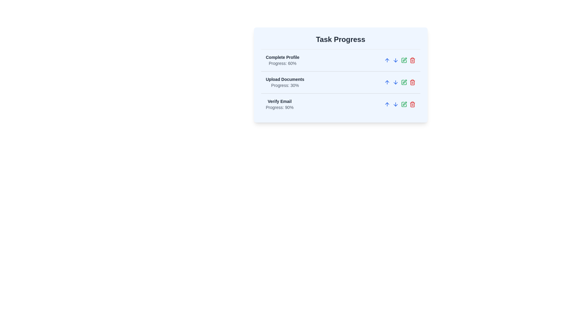 The width and height of the screenshot is (579, 326). What do you see at coordinates (279, 104) in the screenshot?
I see `the Text label that displays 'Verify Email' and 'Progress: 90%' in a smaller font, which is the third element in a vertical list within a card, located below 'Upload Documents Progress: 30%'` at bounding box center [279, 104].